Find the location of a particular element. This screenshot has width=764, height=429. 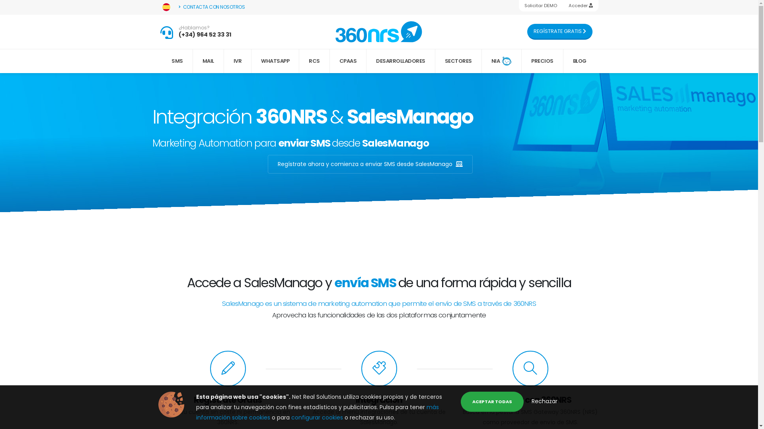

'Solicitar DEMO' is located at coordinates (541, 6).